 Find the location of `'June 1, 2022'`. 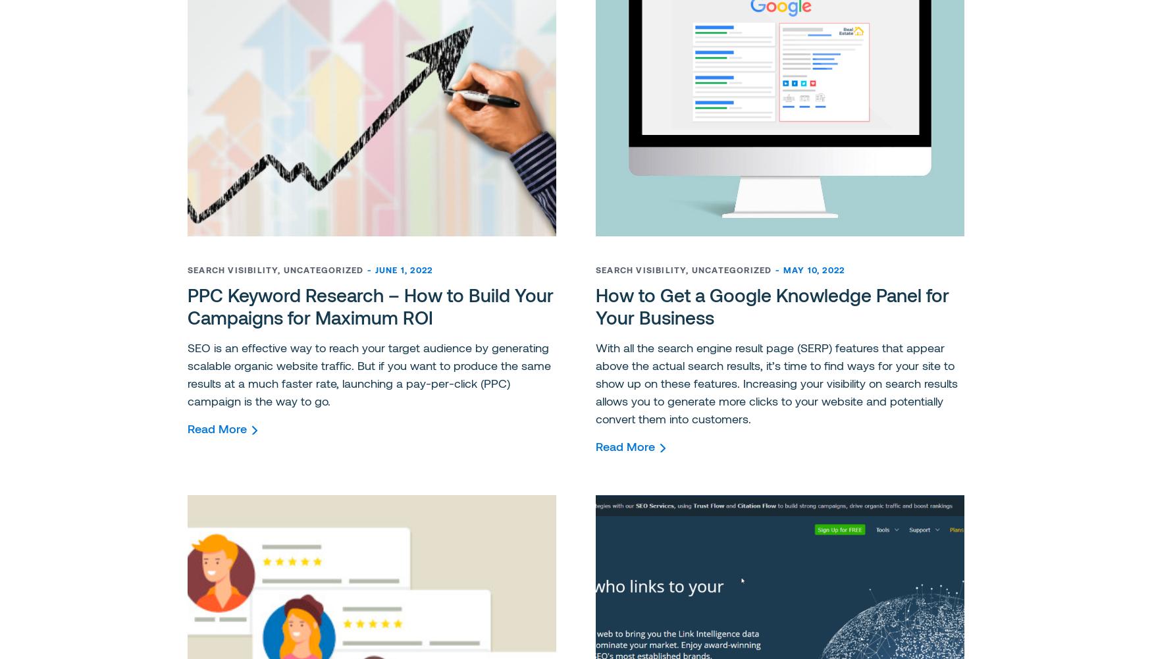

'June 1, 2022' is located at coordinates (374, 269).